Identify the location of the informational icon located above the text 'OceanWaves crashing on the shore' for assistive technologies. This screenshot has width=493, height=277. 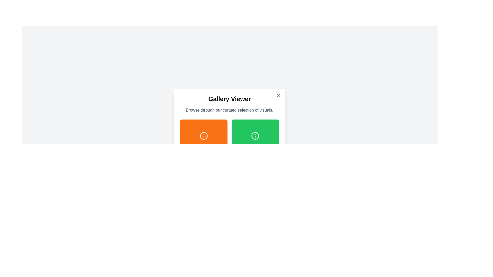
(203, 187).